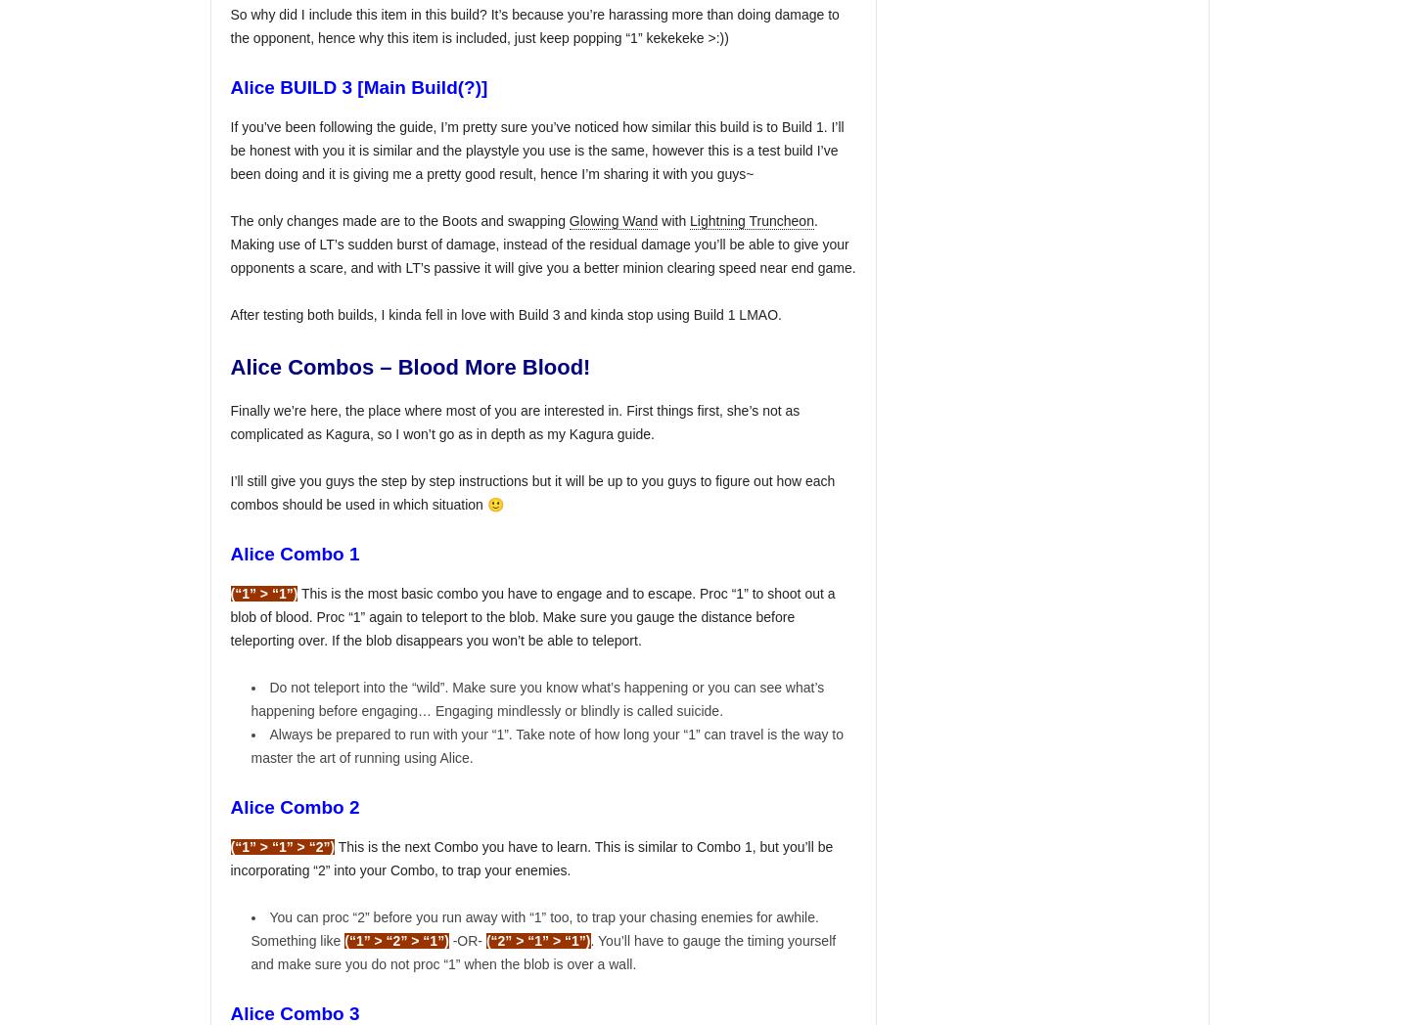  What do you see at coordinates (296, 805) in the screenshot?
I see `'Alice Combo 2'` at bounding box center [296, 805].